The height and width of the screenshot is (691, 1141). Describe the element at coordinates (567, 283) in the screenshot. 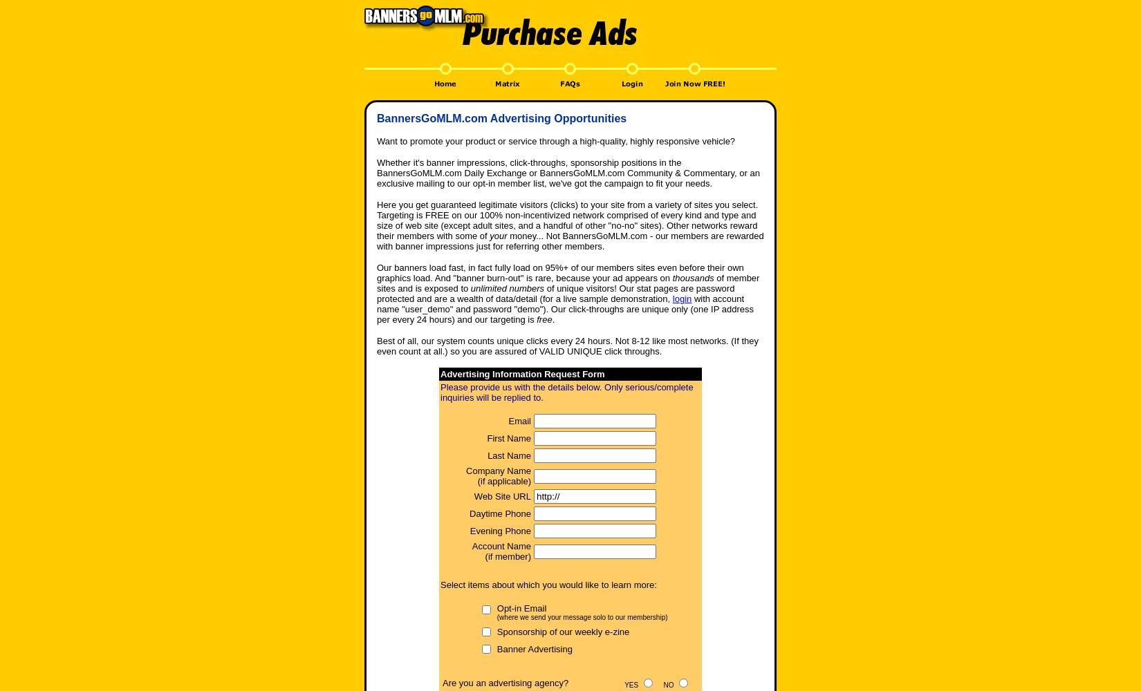

I see `'of member sites and is exposed to'` at that location.